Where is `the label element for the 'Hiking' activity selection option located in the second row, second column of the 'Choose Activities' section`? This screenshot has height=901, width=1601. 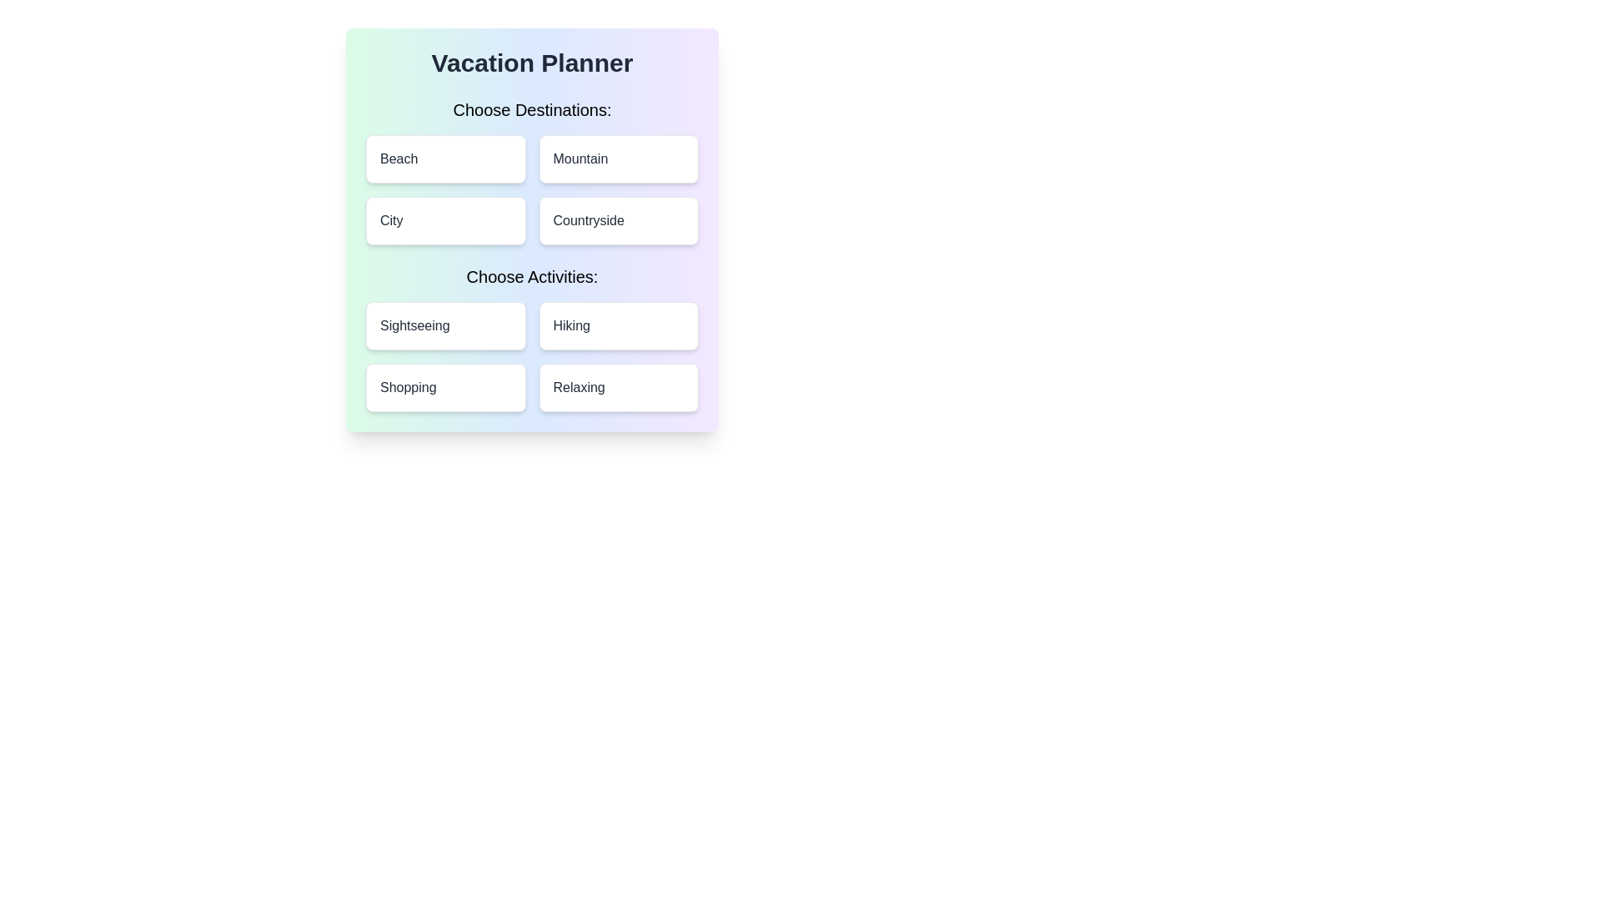
the label element for the 'Hiking' activity selection option located in the second row, second column of the 'Choose Activities' section is located at coordinates (571, 325).